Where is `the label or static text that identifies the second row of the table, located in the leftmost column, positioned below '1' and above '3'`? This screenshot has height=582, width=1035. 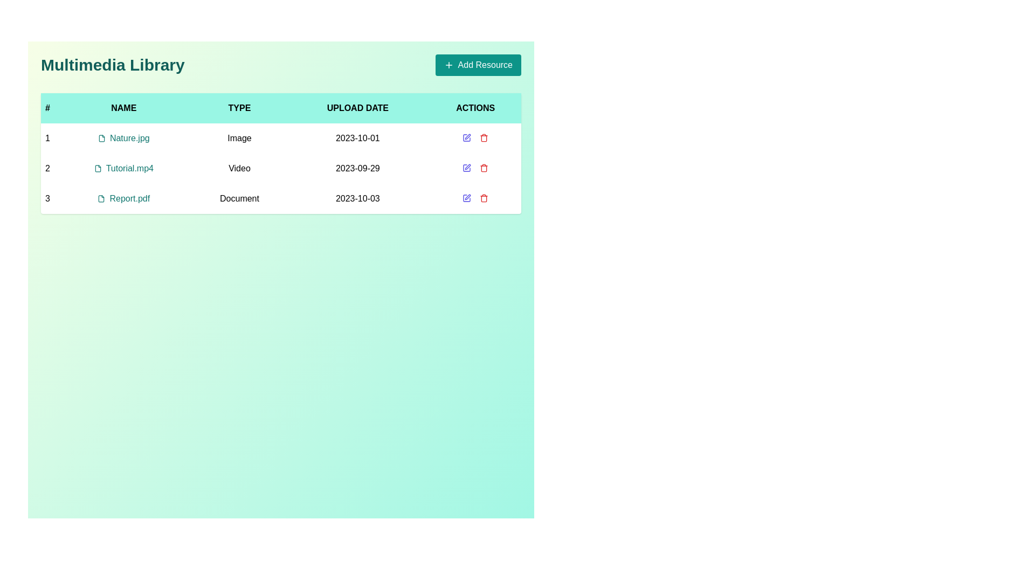 the label or static text that identifies the second row of the table, located in the leftmost column, positioned below '1' and above '3' is located at coordinates (47, 168).